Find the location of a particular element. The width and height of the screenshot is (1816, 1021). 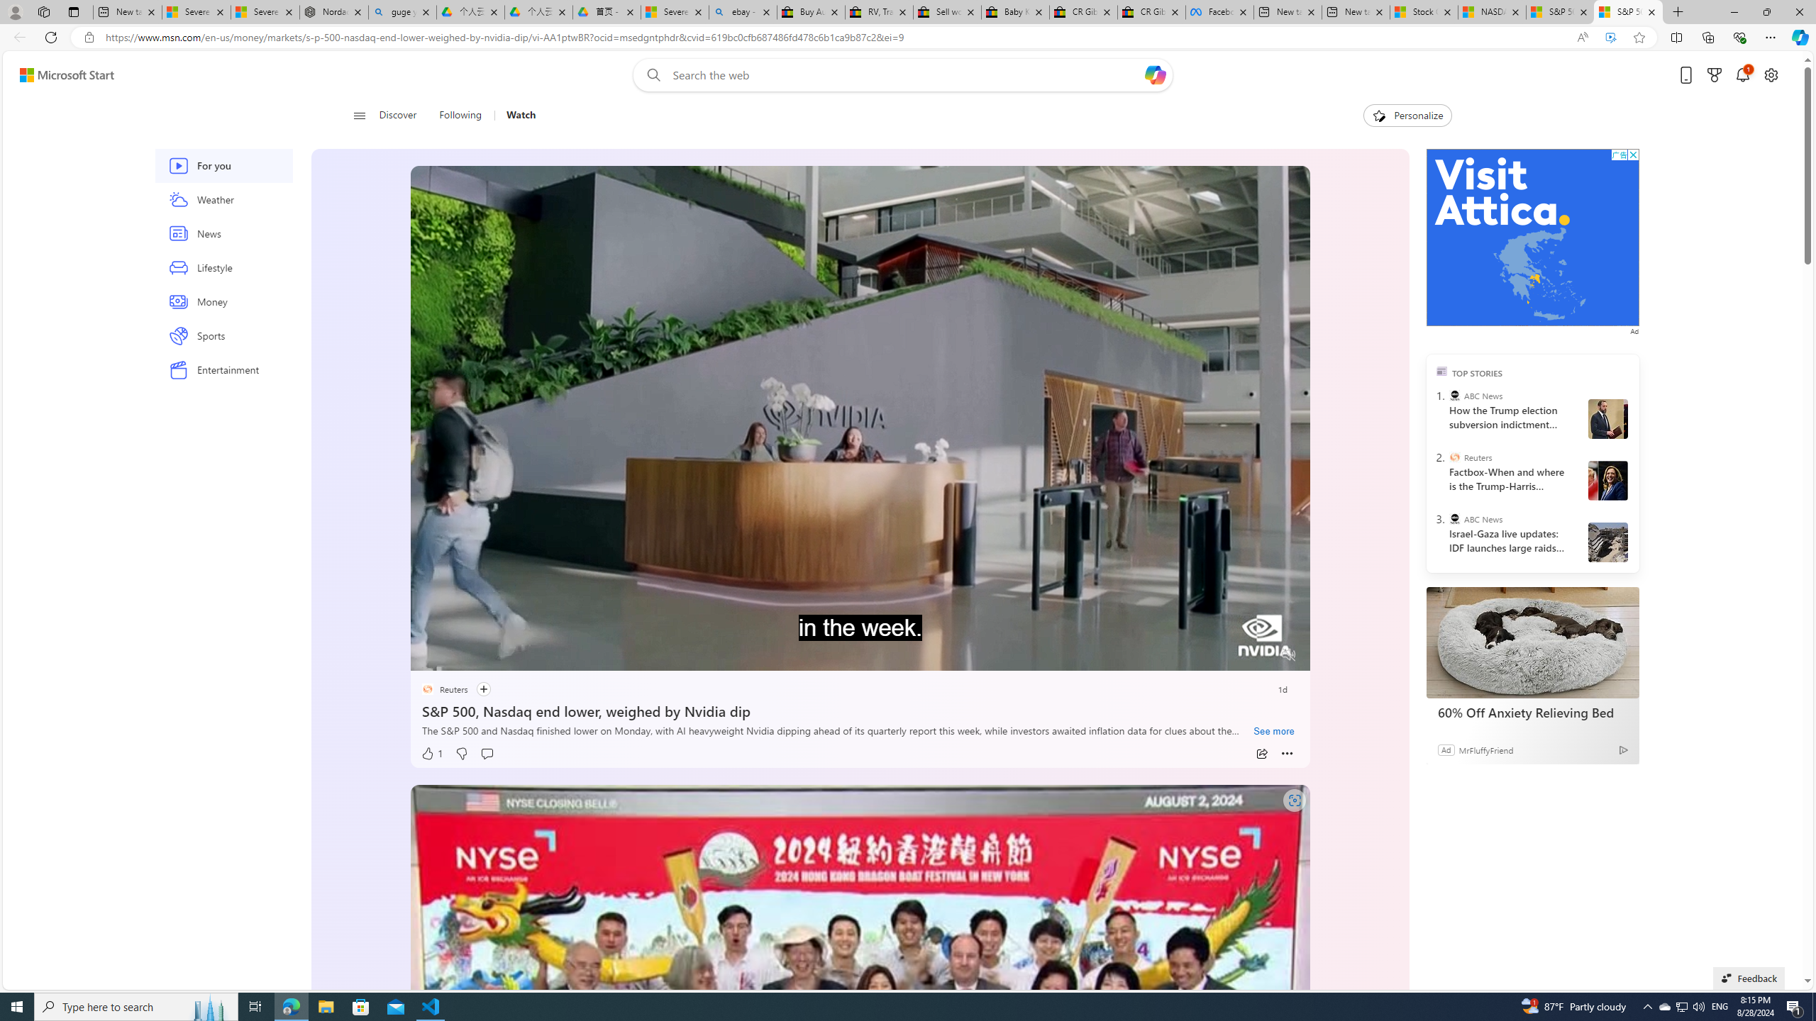

'Enhance video' is located at coordinates (1610, 38).